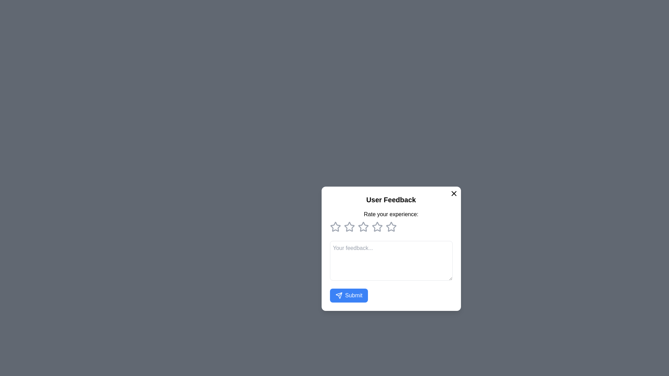  What do you see at coordinates (349, 295) in the screenshot?
I see `the 'Submit' button with a blue background and white text, located at the bottom-right corner of the 'User Feedback' popup` at bounding box center [349, 295].